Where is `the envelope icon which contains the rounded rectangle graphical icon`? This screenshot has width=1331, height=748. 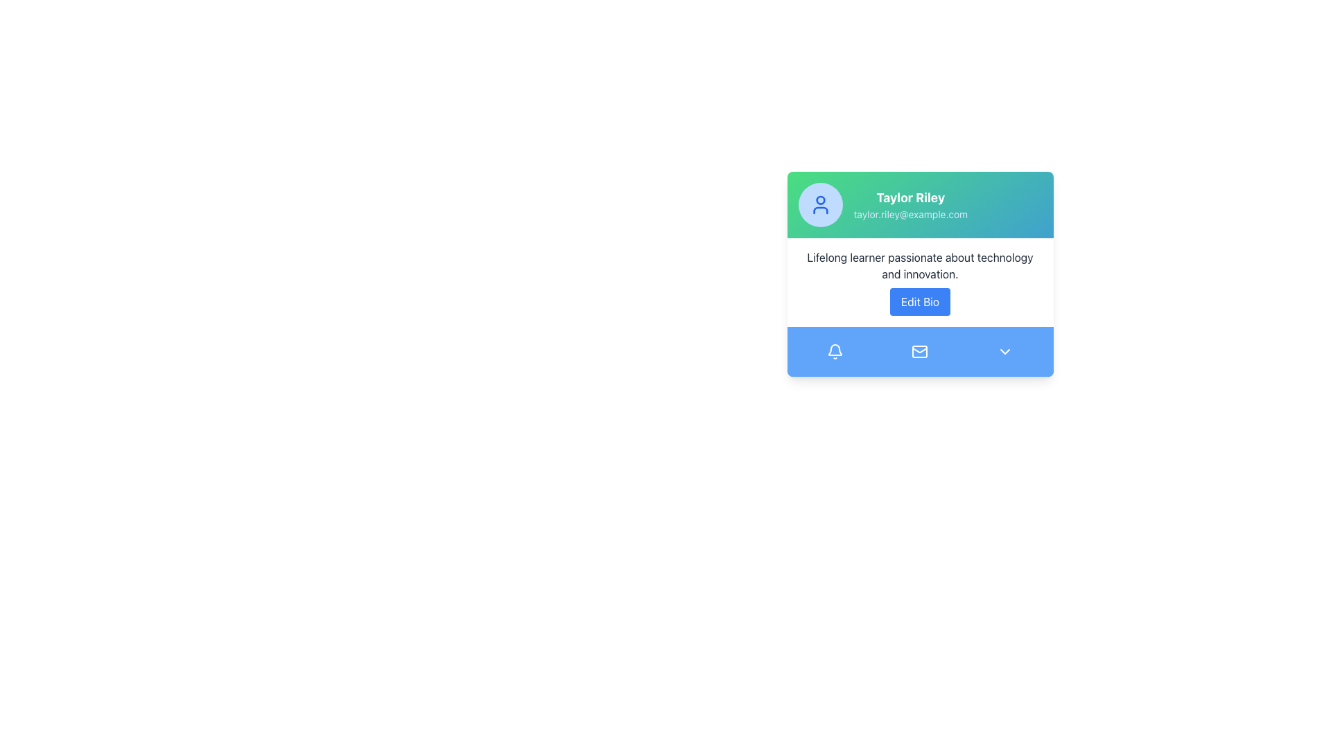
the envelope icon which contains the rounded rectangle graphical icon is located at coordinates (920, 351).